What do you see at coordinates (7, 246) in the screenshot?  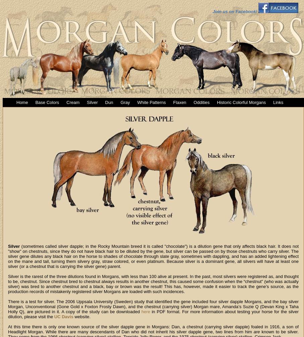 I see `'Silver'` at bounding box center [7, 246].